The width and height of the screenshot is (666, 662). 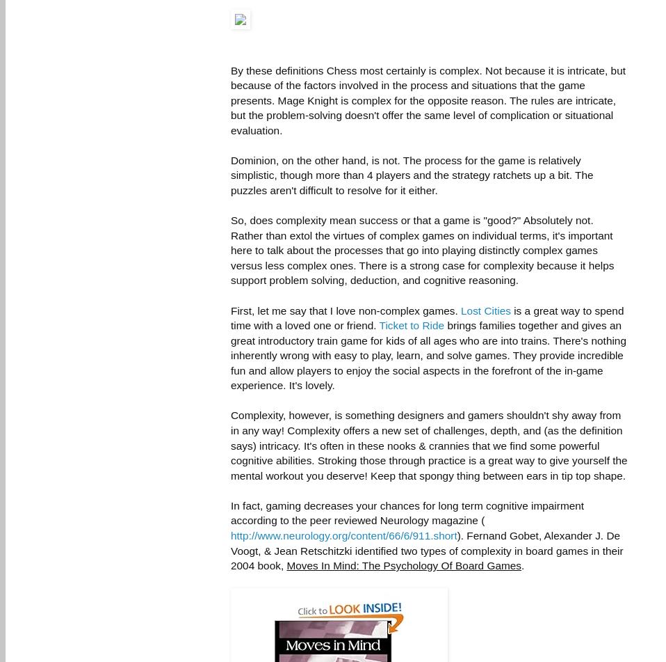 I want to click on ').   Fernand Gobet, Alexander J. De Voogt, & Jean Retschitzki  identified two types of complexity in board games in their 2004 book,', so click(x=426, y=549).